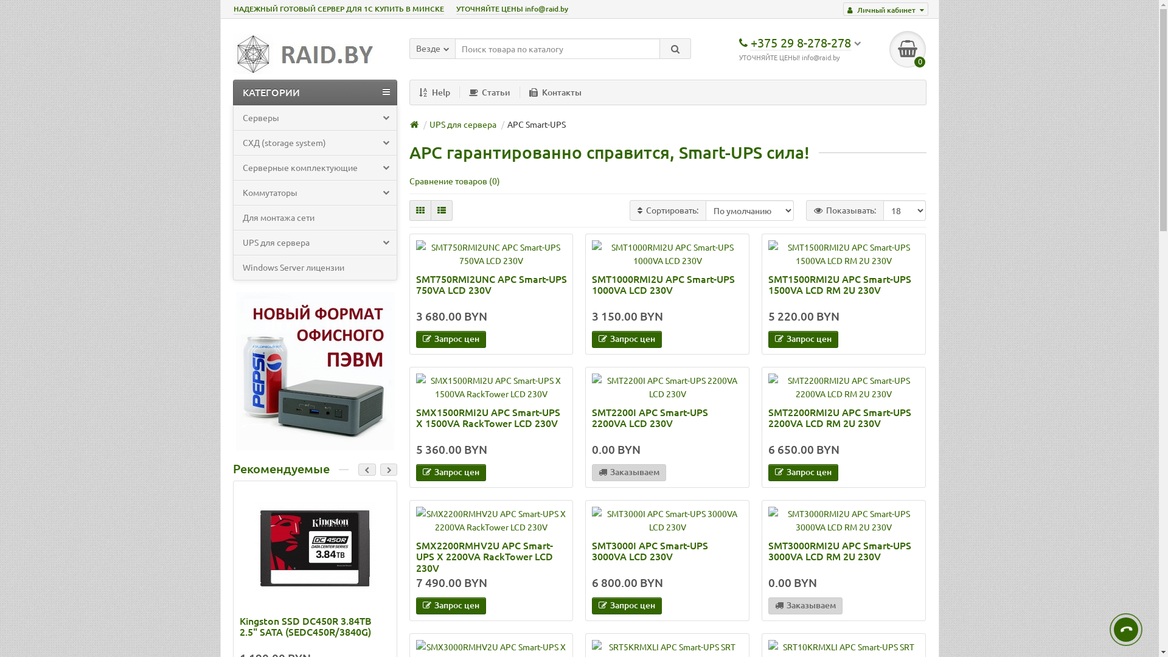  What do you see at coordinates (315, 631) in the screenshot?
I see `'Kingston SSD DC450R 3.84TB 2.5" SATA (SEDC450R/3840G)'` at bounding box center [315, 631].